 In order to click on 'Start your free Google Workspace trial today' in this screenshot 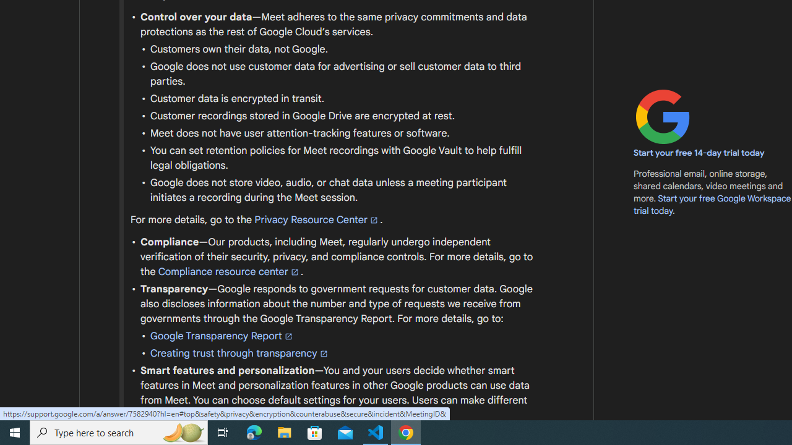, I will do `click(712, 203)`.